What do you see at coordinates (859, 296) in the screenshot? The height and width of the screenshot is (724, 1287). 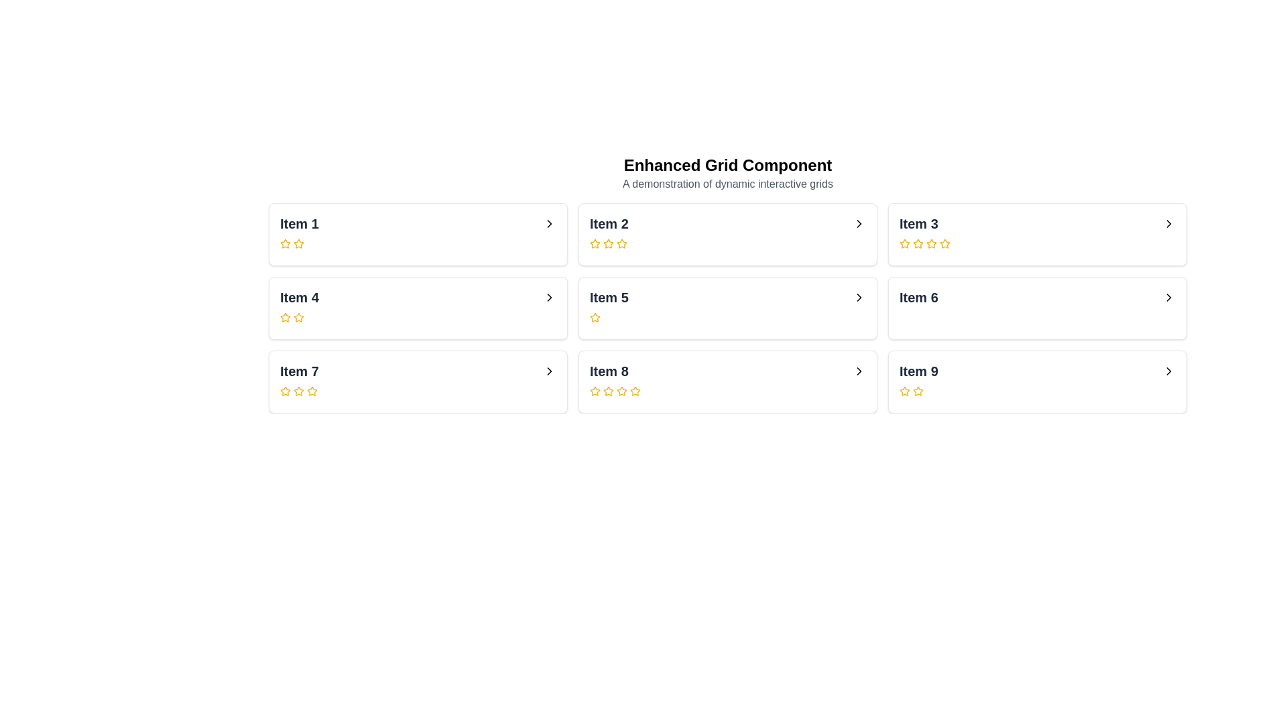 I see `the right chevron icon button in the row for 'Item 5'` at bounding box center [859, 296].